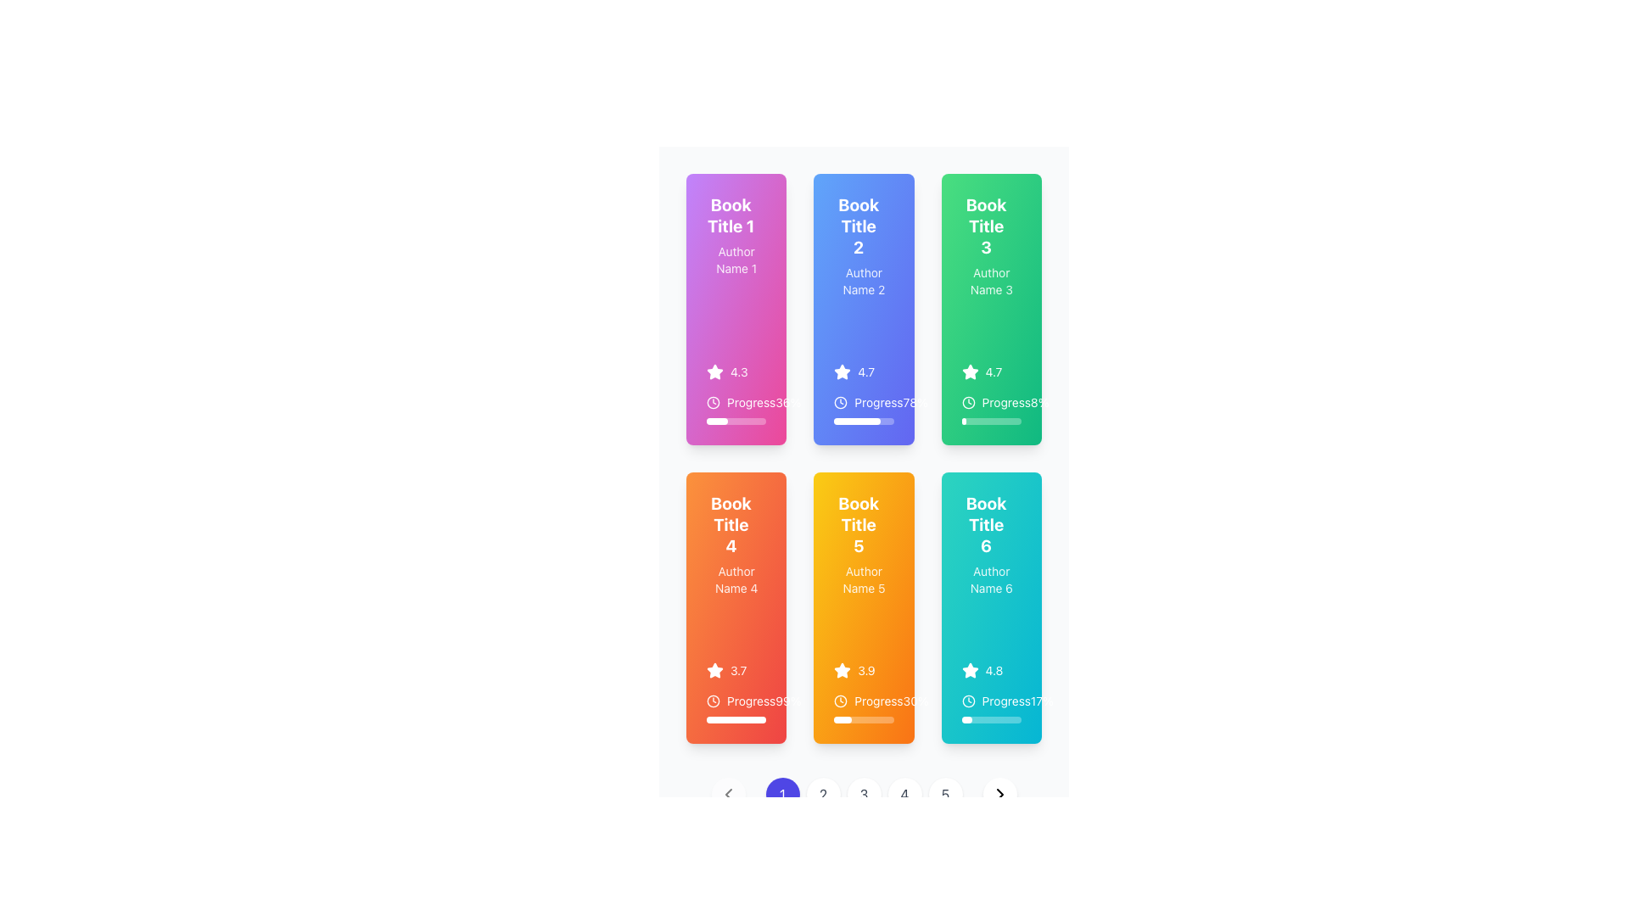 This screenshot has height=916, width=1629. Describe the element at coordinates (736, 402) in the screenshot. I see `the text displaying the current progress percentage (36%) next to the clock icon, which is located in the first column of a vertical card layout under the rating indicator '4.3' and above the progress bar for 'Book Title 1'` at that location.